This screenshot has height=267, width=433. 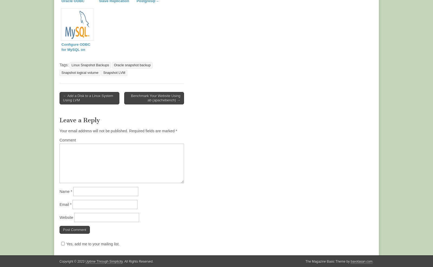 What do you see at coordinates (93, 244) in the screenshot?
I see `'Yes, add me to your mailing list.'` at bounding box center [93, 244].